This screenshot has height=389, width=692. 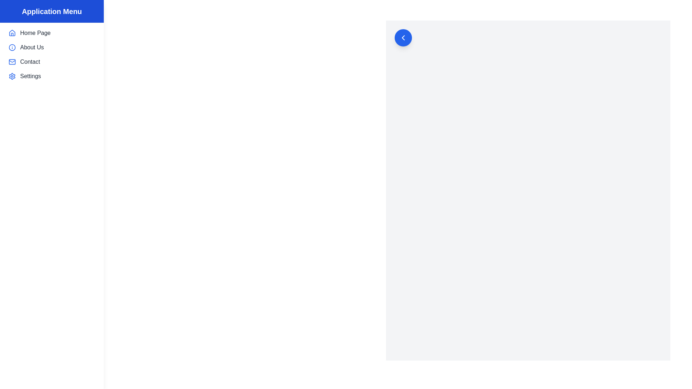 I want to click on the 'Home Page' menu entry icon located in the left side menu, which is the first item in the list, so click(x=12, y=33).